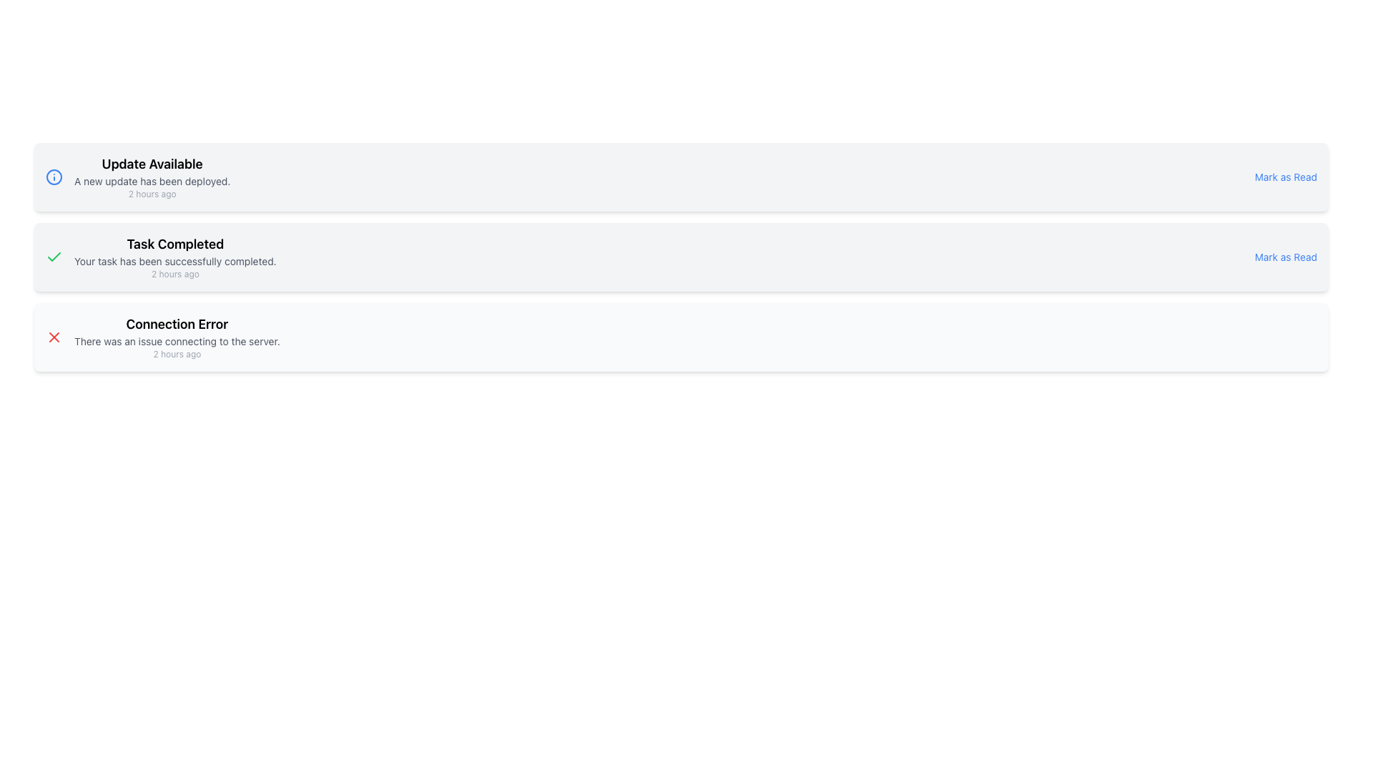 Image resolution: width=1373 pixels, height=772 pixels. Describe the element at coordinates (54, 337) in the screenshot. I see `the red 'X' icon at the top-left of the 'Connection Error' notification card` at that location.